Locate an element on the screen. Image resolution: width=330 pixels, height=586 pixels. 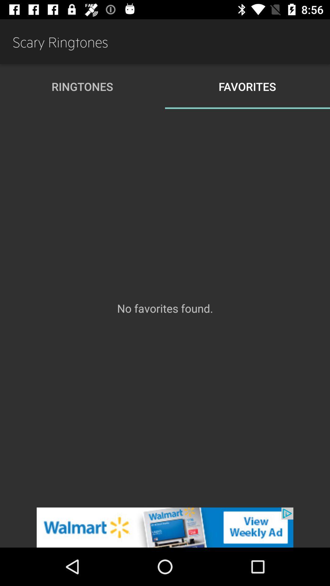
banner advertisement is located at coordinates (165, 527).